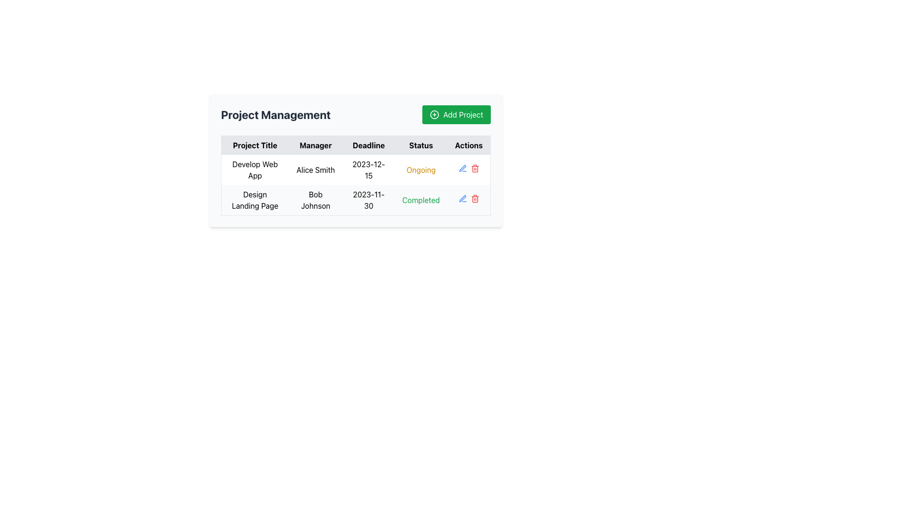  What do you see at coordinates (368, 200) in the screenshot?
I see `the date display showing '2023-11-30' in the 'Deadline' column of the project information table for 'Design Landing Page' managed by Bob Johnson` at bounding box center [368, 200].